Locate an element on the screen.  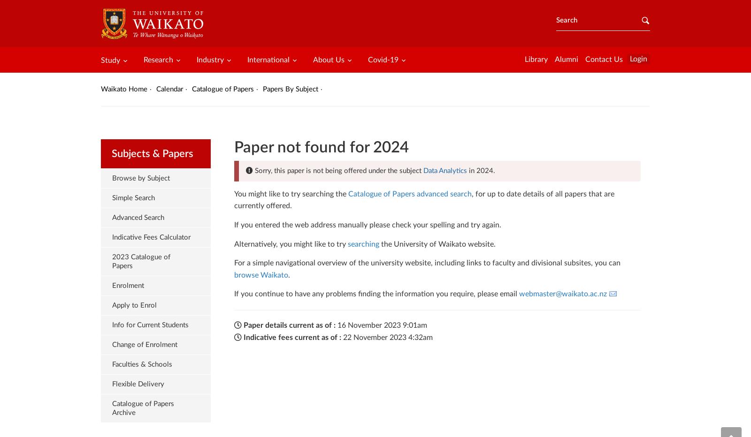
'Paper not found for 2024' is located at coordinates (321, 147).